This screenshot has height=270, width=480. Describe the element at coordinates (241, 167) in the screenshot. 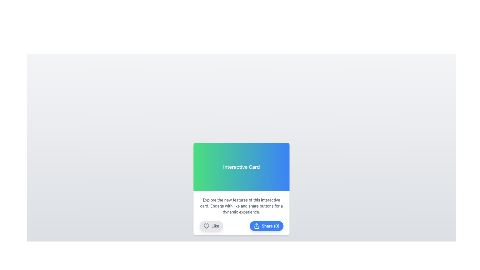

I see `the Decorative Banner at the top of the card element, which serves as a visual header for the card` at that location.